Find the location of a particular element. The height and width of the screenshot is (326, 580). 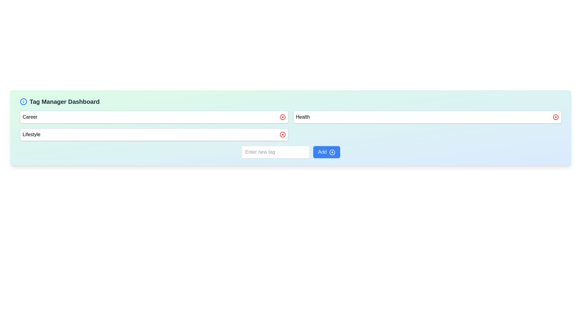

the button located at the far right of the row containing the label 'Lifestyle' is located at coordinates (282, 134).